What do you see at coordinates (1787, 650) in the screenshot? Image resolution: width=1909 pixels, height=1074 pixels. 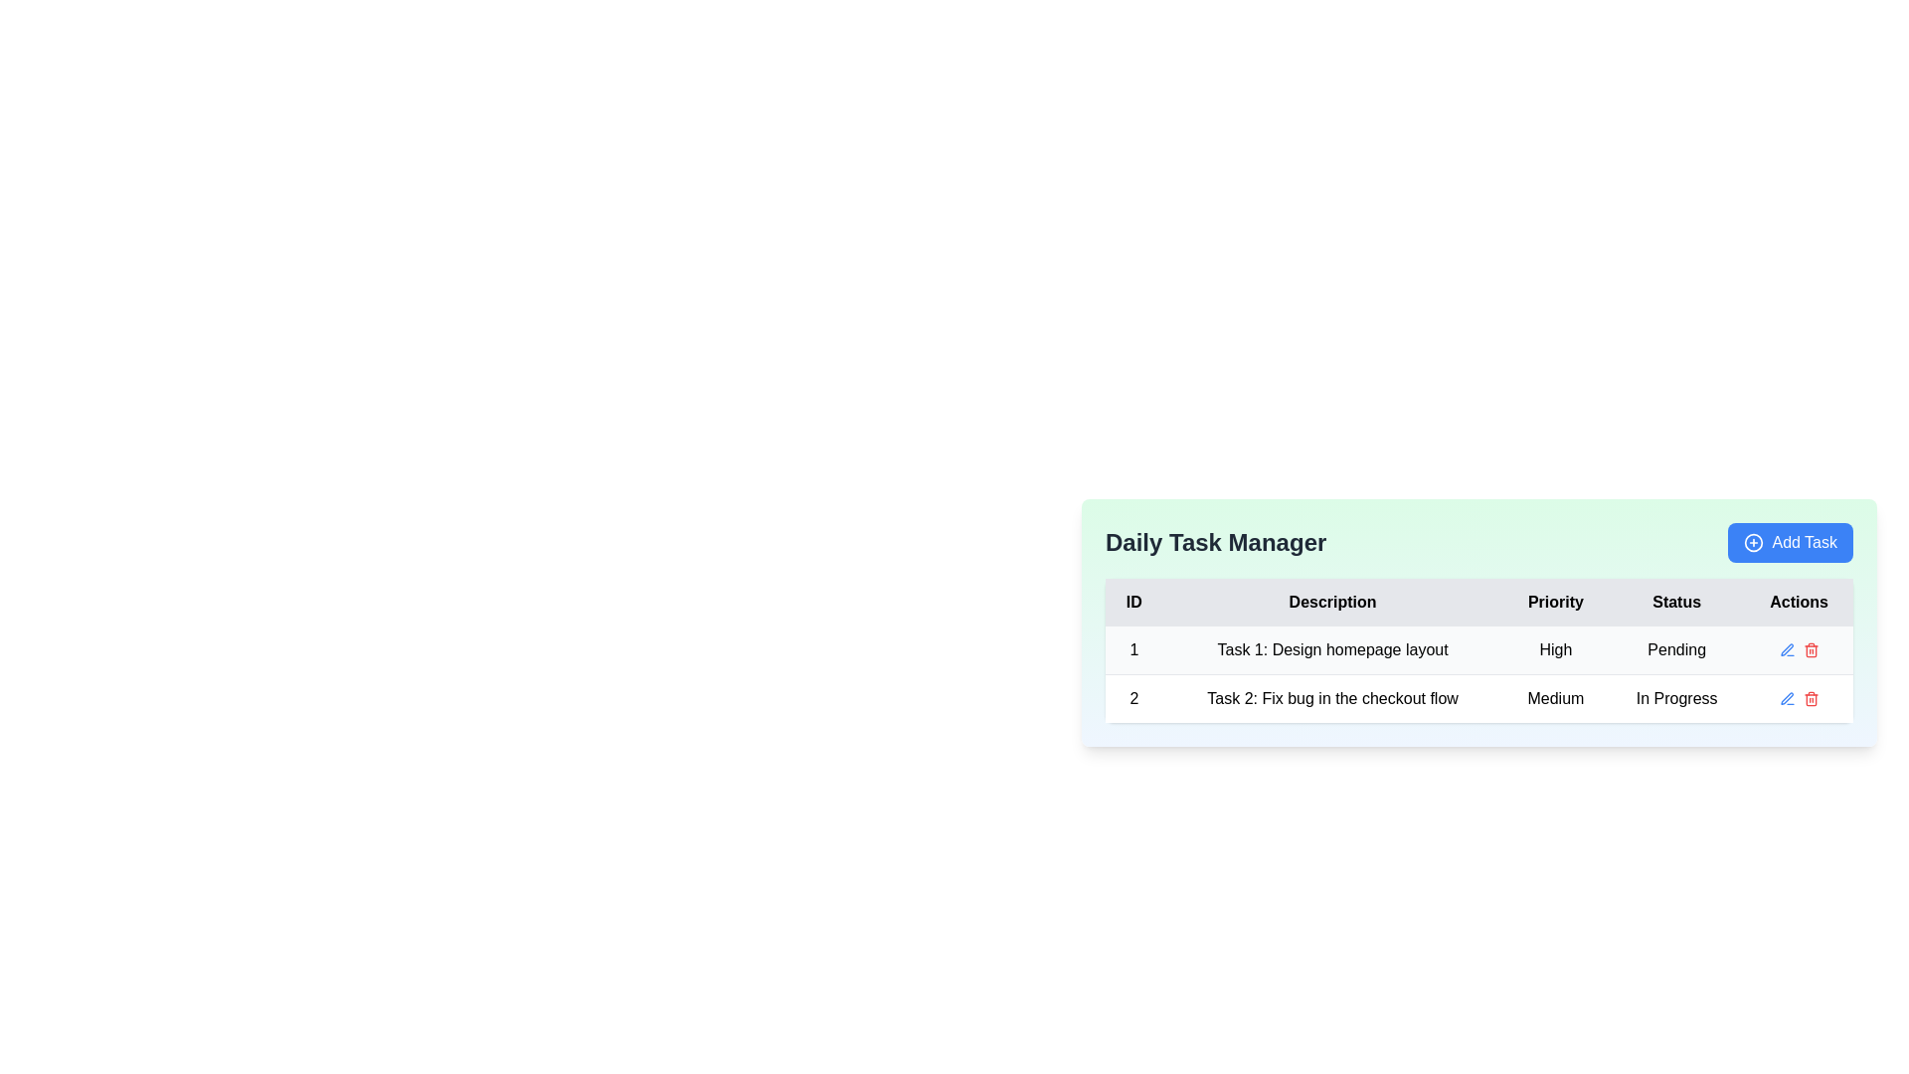 I see `the icon button in the second row of the table under the 'Actions' column to possibly see a tooltip` at bounding box center [1787, 650].